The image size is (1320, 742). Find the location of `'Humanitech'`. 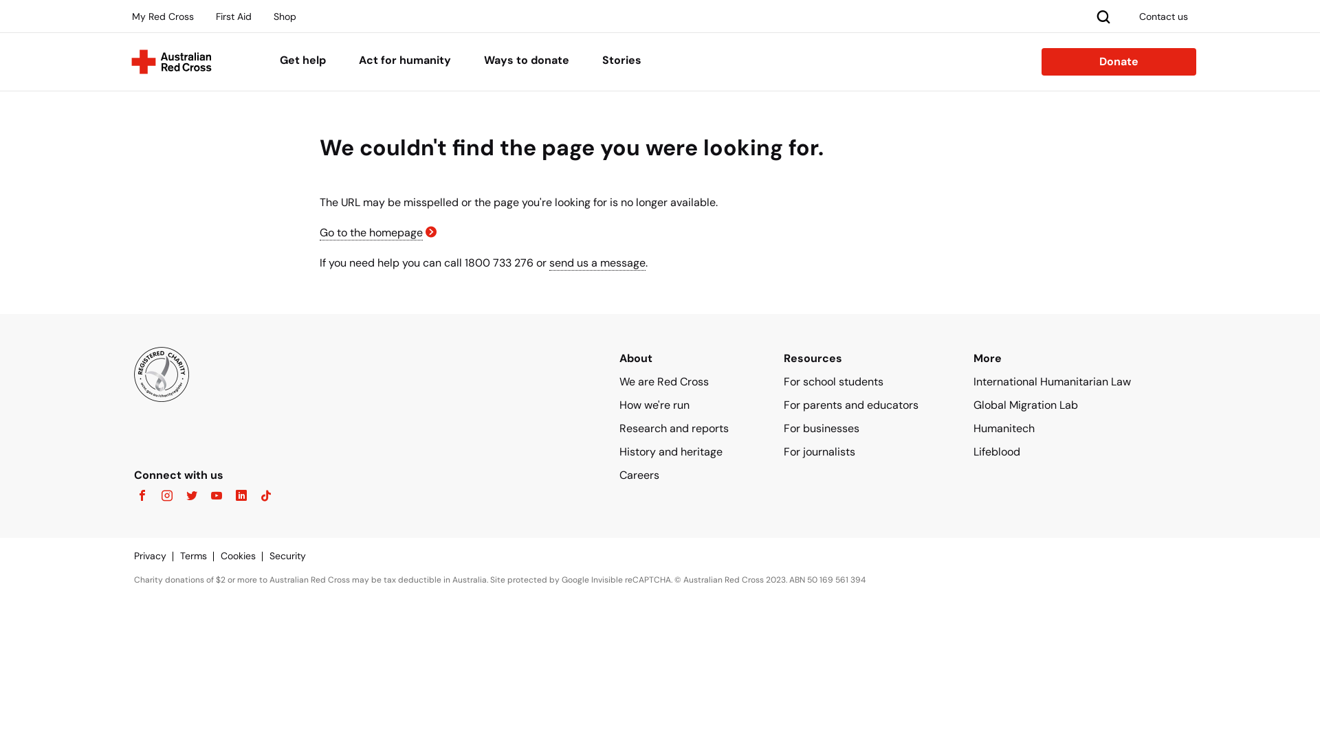

'Humanitech' is located at coordinates (1004, 427).